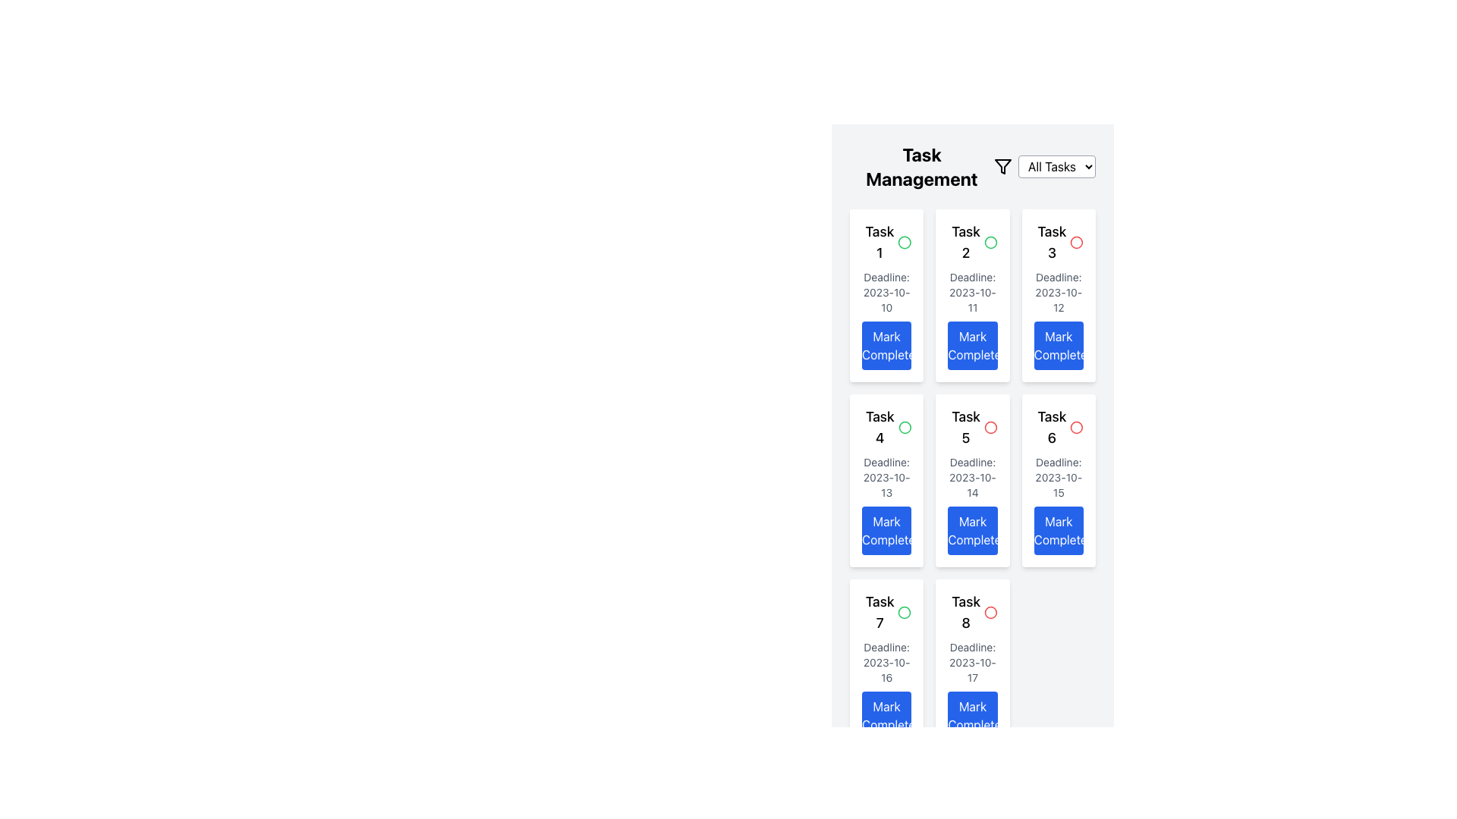 This screenshot has width=1457, height=819. Describe the element at coordinates (1044, 166) in the screenshot. I see `the dropdown menu located at the top-right corner of the content area, which contains options like 'All Tasks', 'Work', 'Personal'` at that location.